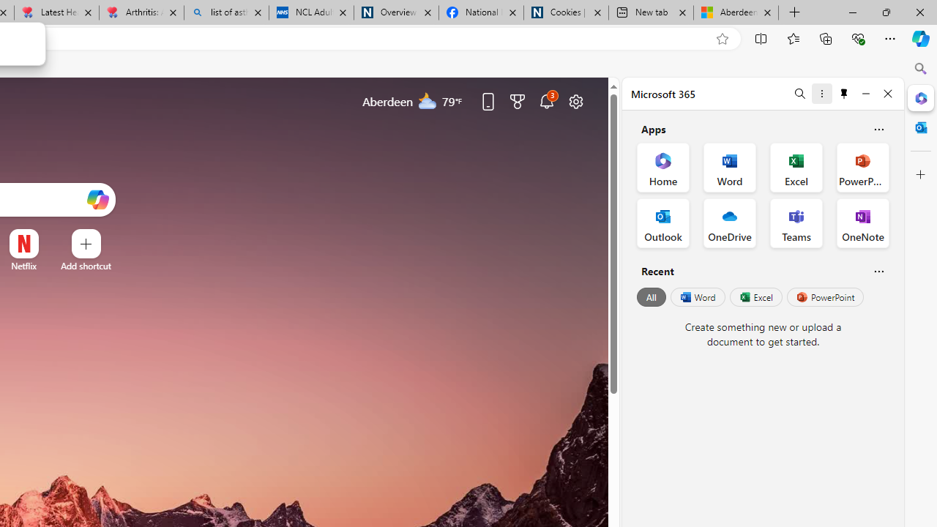 This screenshot has height=527, width=937. Describe the element at coordinates (427, 100) in the screenshot. I see `'Mostly cloudy'` at that location.